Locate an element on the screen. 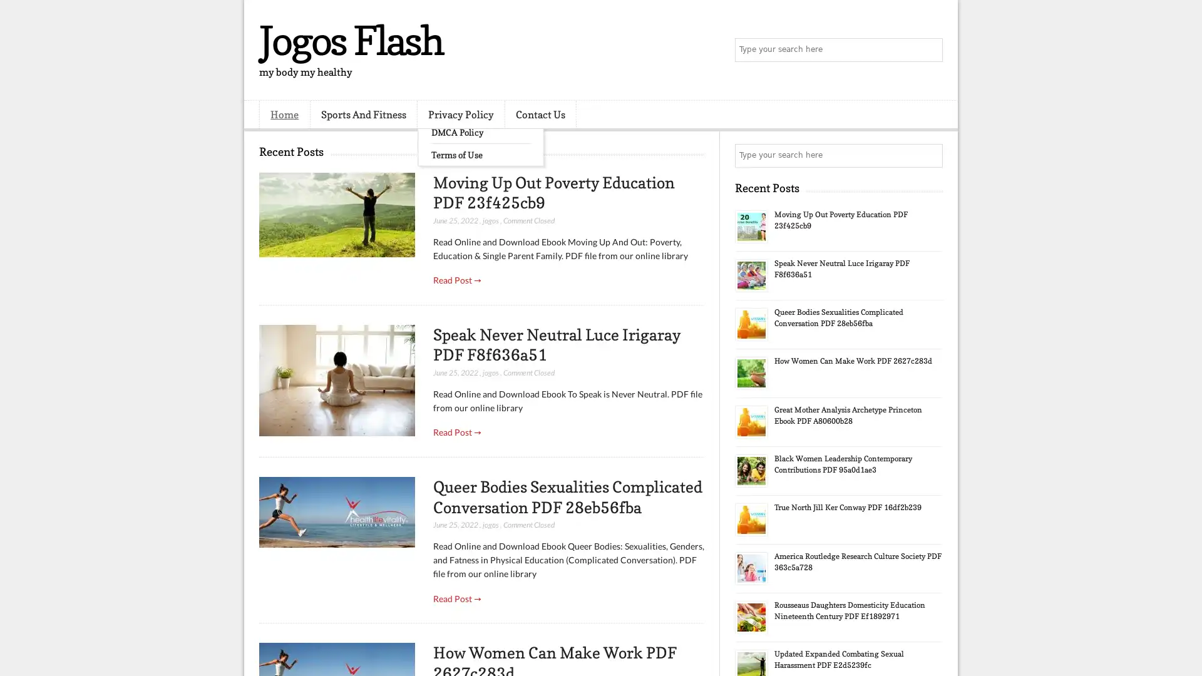 This screenshot has height=676, width=1202. Search is located at coordinates (930, 50).